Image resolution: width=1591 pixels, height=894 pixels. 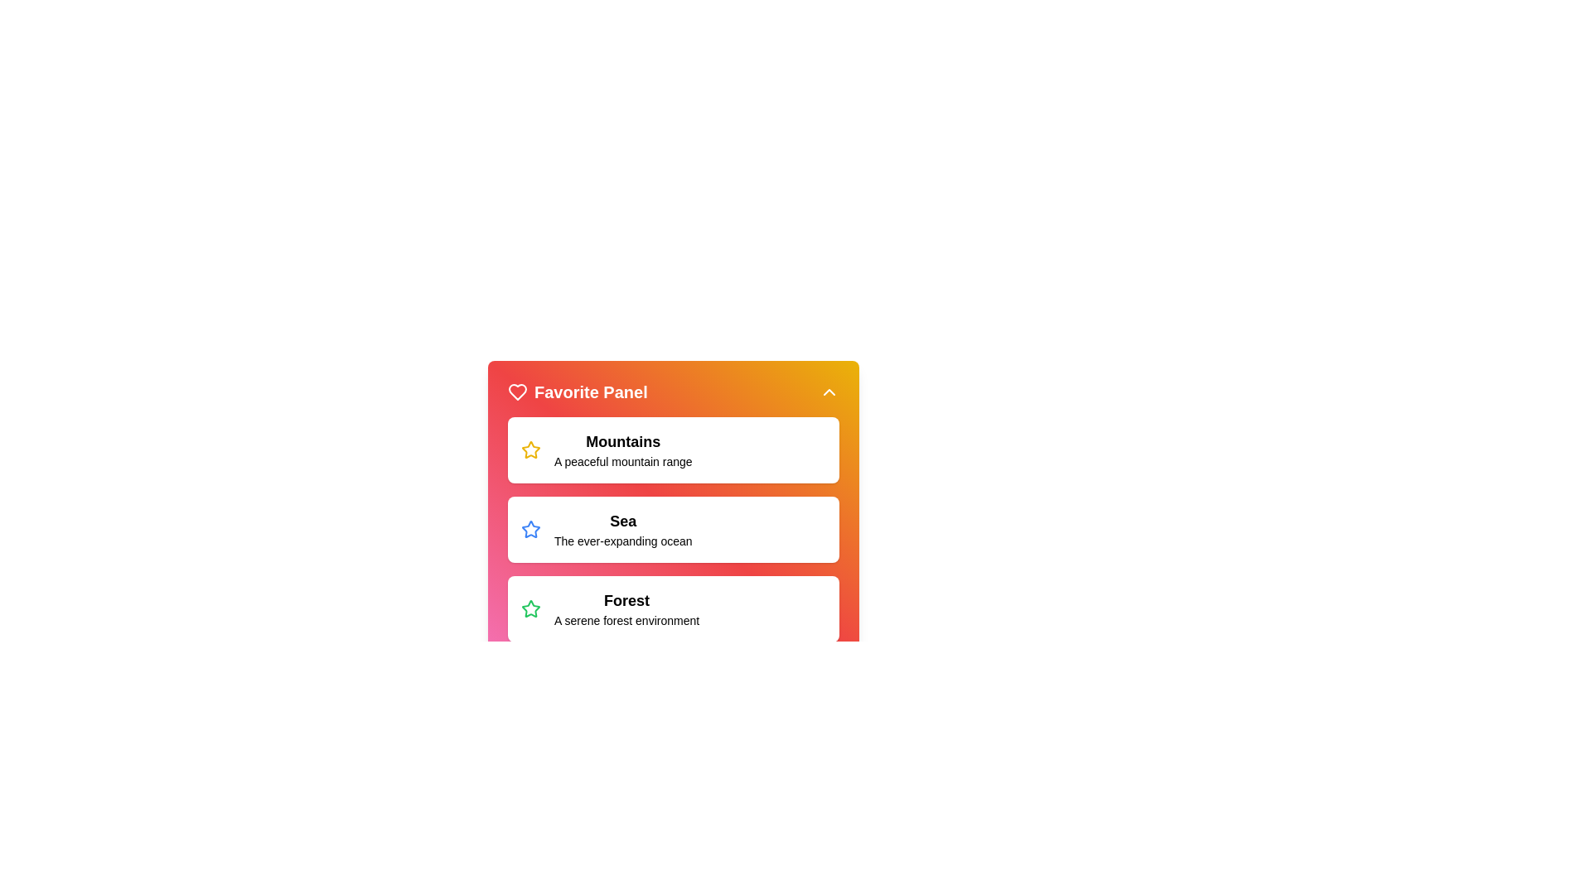 I want to click on the 'Forest' text label, which is prominently displayed in bold and larger font within the 'Favorite Panel', positioned above the smaller descriptive text and next to a green star icon, so click(x=626, y=600).